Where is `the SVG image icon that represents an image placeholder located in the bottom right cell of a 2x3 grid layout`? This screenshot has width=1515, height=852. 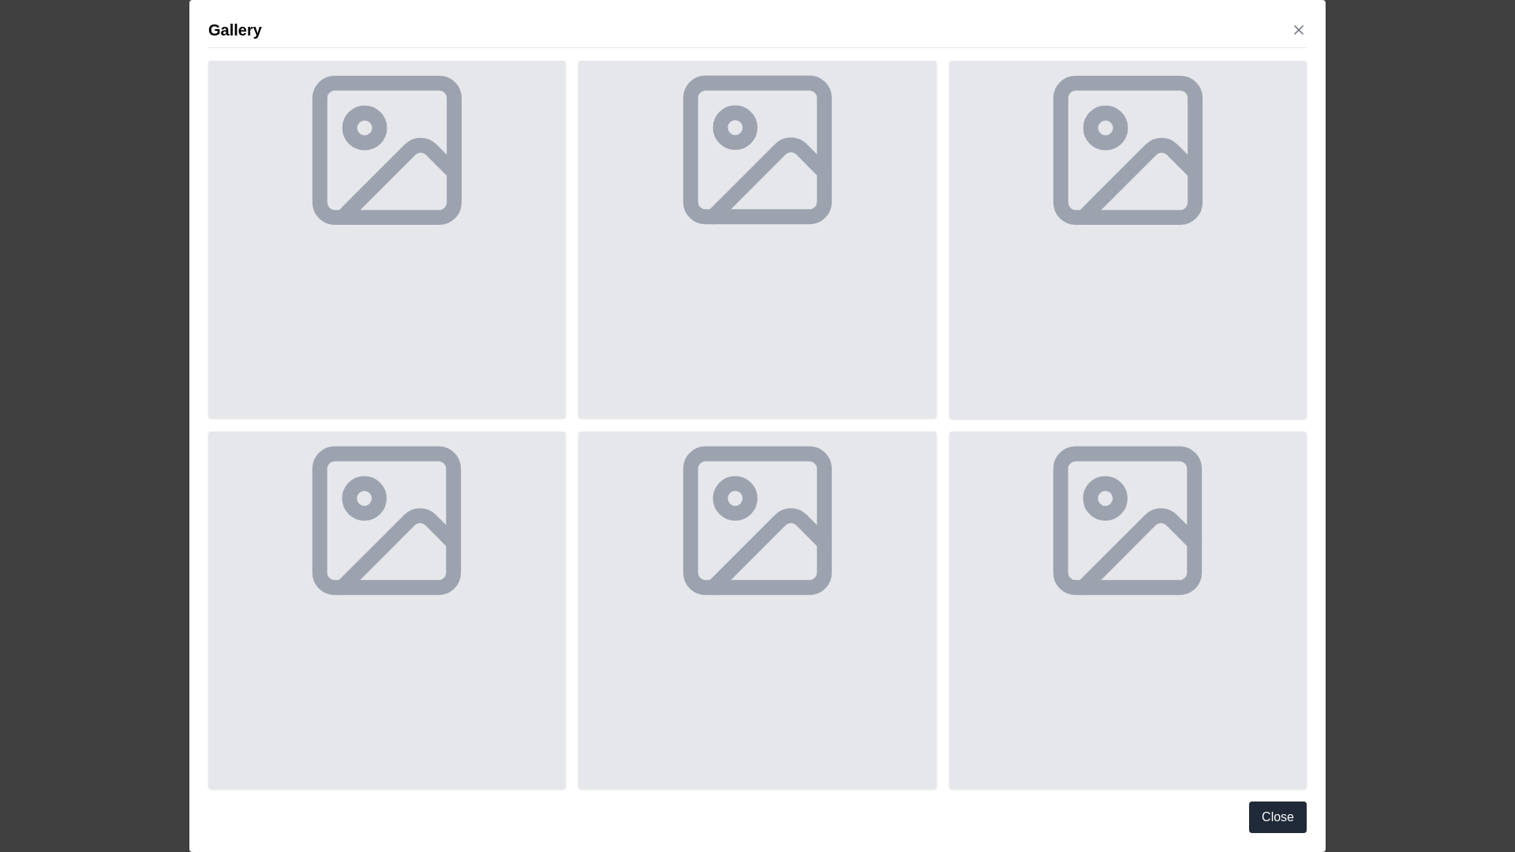
the SVG image icon that represents an image placeholder located in the bottom right cell of a 2x3 grid layout is located at coordinates (1127, 520).